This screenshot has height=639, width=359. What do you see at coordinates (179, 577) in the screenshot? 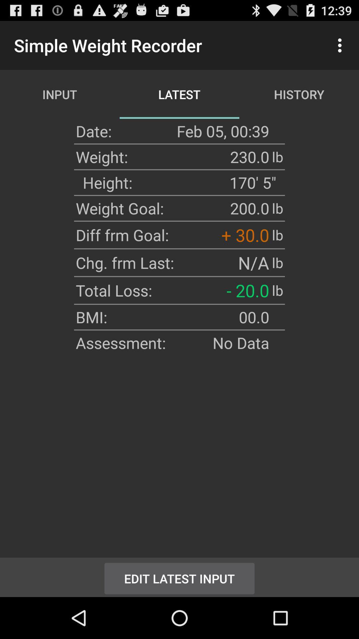
I see `edit latest input` at bounding box center [179, 577].